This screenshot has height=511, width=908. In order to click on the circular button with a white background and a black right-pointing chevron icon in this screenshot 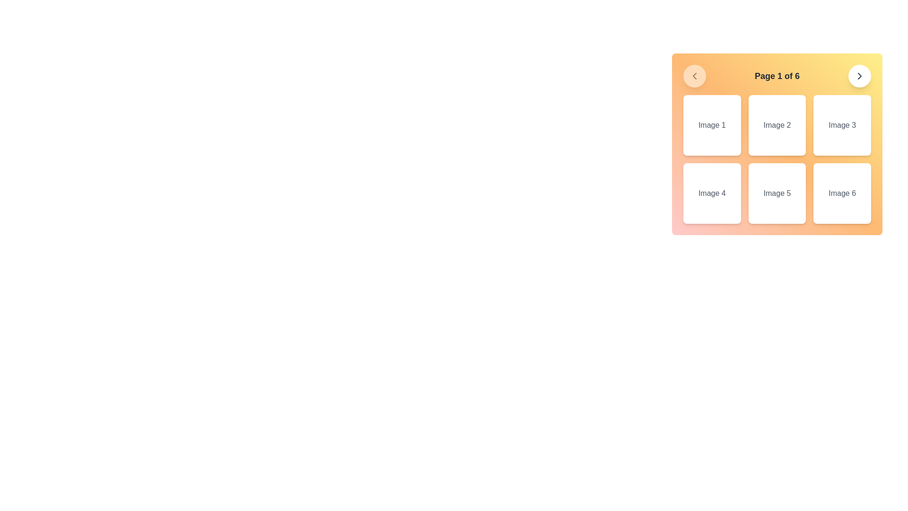, I will do `click(860, 76)`.